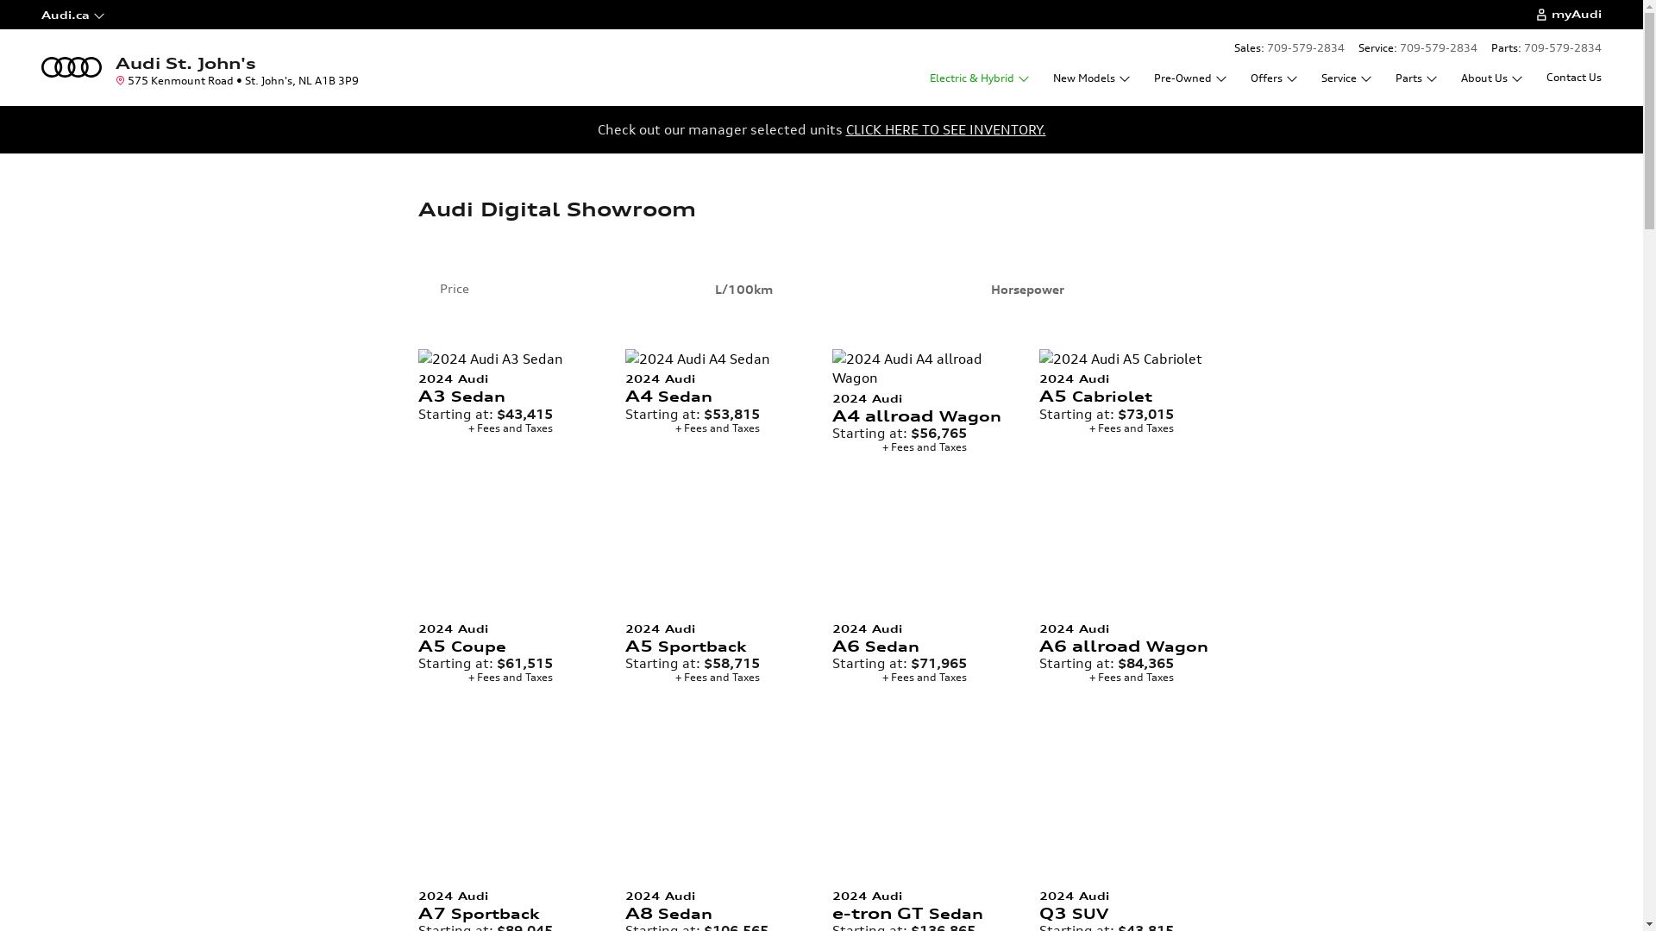 This screenshot has height=931, width=1656. What do you see at coordinates (831, 615) in the screenshot?
I see `'2024 Audi A6 Sedan '` at bounding box center [831, 615].